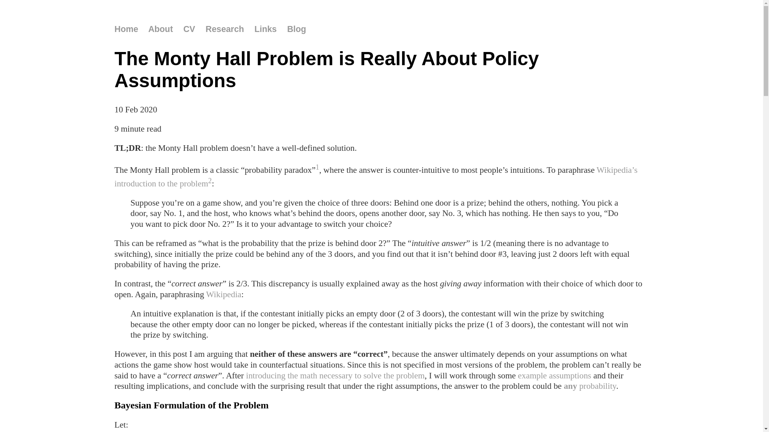 The image size is (769, 432). I want to click on 'CV', so click(183, 29).